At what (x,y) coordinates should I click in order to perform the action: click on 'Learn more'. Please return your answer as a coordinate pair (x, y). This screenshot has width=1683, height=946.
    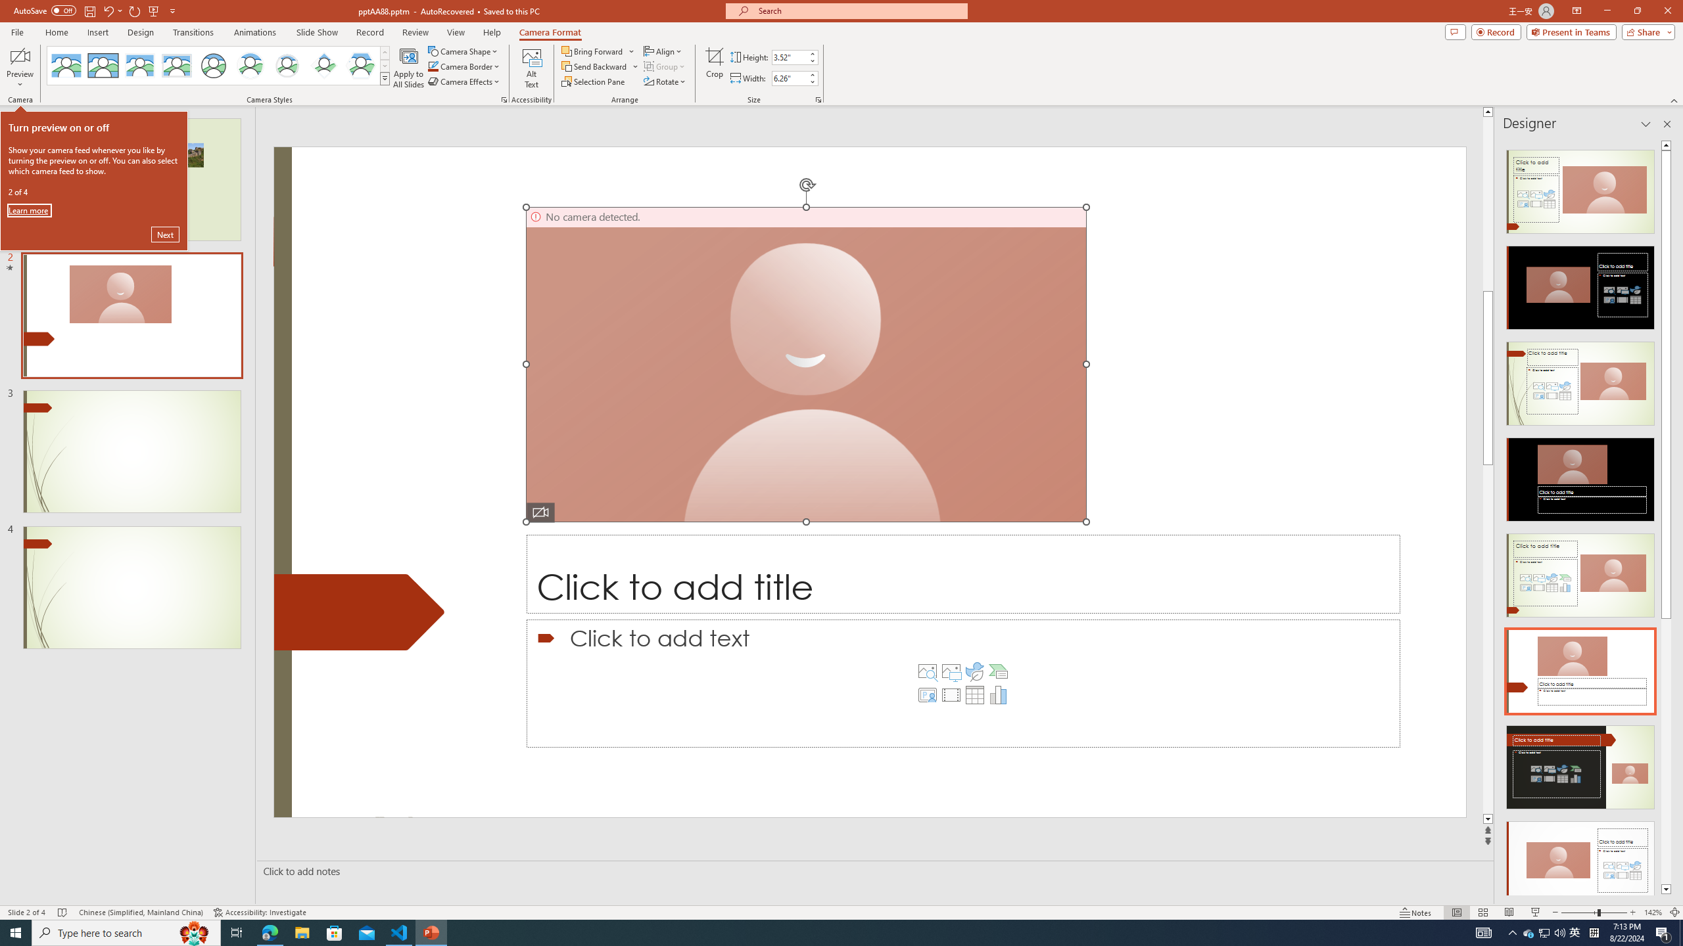
    Looking at the image, I should click on (29, 210).